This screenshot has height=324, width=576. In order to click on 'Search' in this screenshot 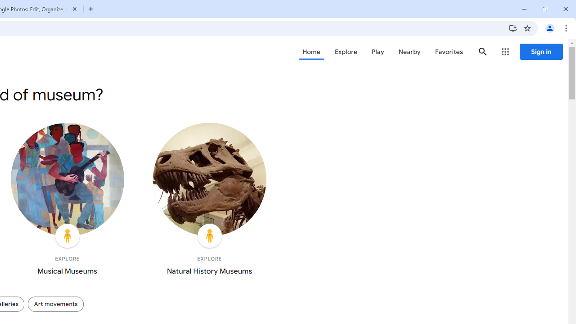, I will do `click(482, 51)`.